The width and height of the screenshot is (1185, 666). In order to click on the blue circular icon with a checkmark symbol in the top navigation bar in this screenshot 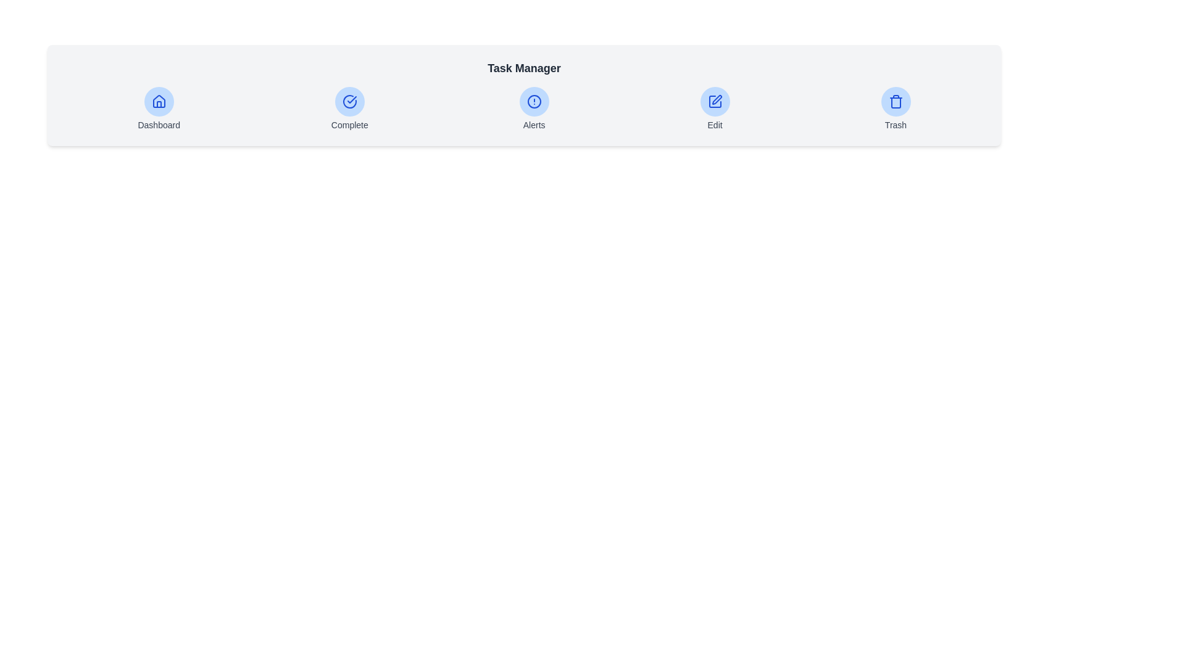, I will do `click(349, 101)`.